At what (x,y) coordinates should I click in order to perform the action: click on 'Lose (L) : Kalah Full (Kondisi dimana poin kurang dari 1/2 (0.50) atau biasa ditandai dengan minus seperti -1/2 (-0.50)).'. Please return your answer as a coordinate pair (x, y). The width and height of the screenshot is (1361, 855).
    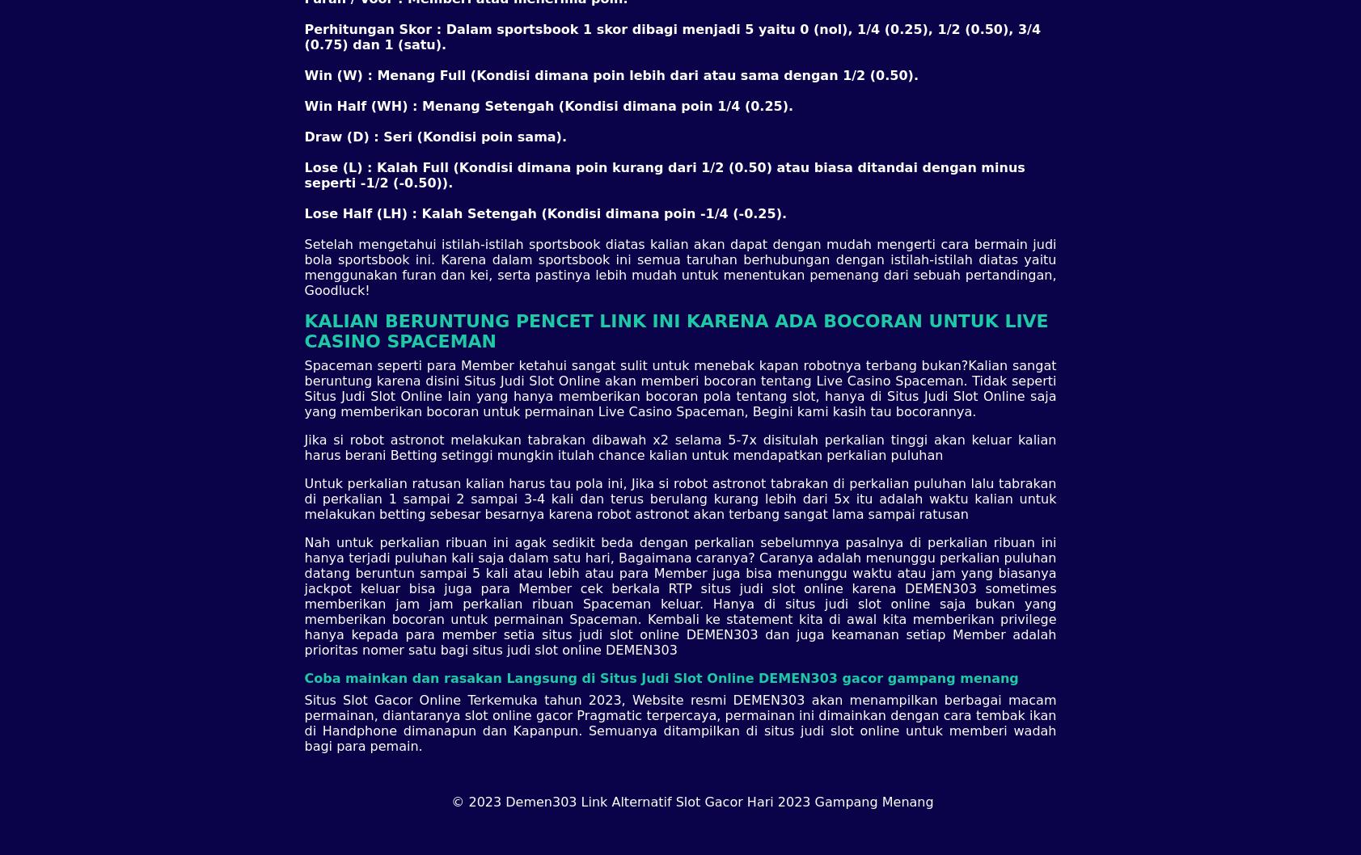
    Looking at the image, I should click on (663, 175).